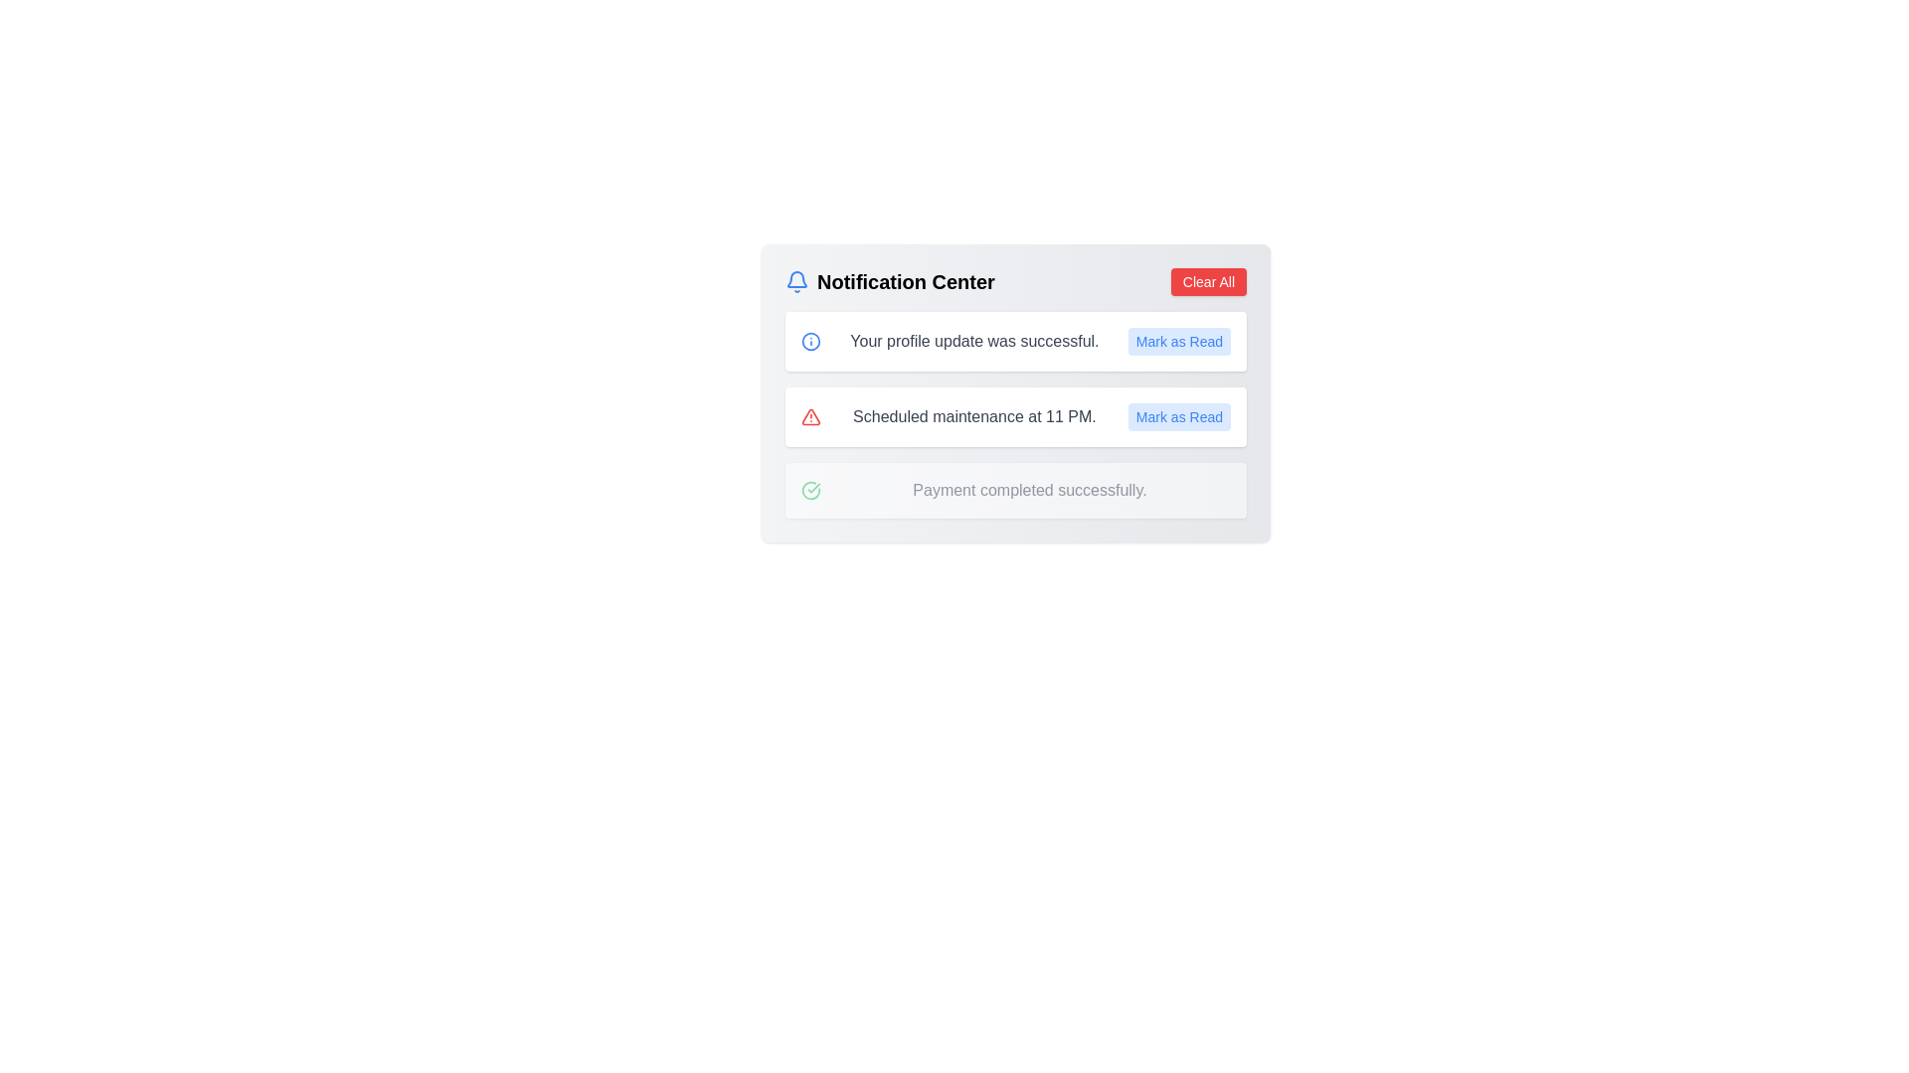 This screenshot has height=1073, width=1909. I want to click on the 'Clear All' button with a red background and white text located in the top-right corner of the notification panel to clear all notifications, so click(1207, 282).